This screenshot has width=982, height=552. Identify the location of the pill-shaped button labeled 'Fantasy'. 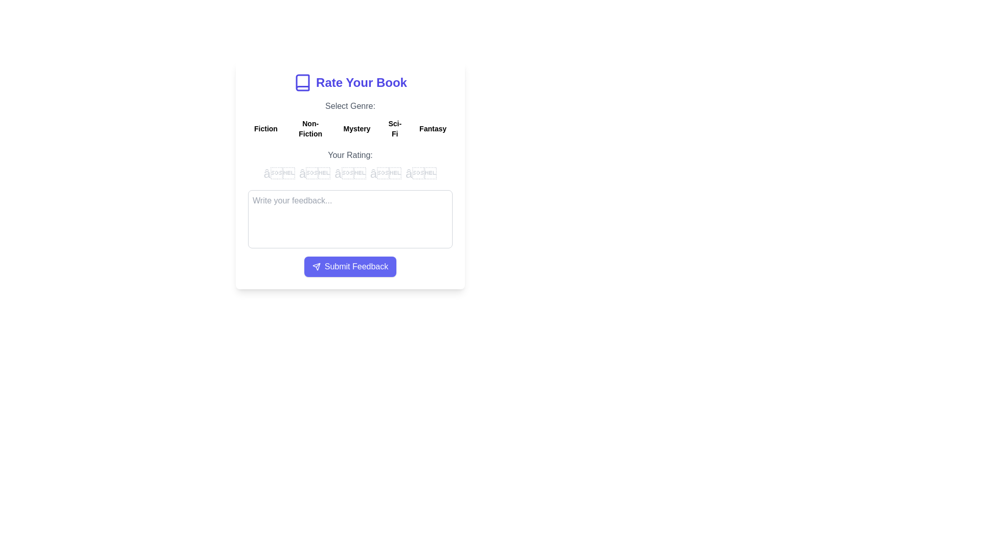
(433, 128).